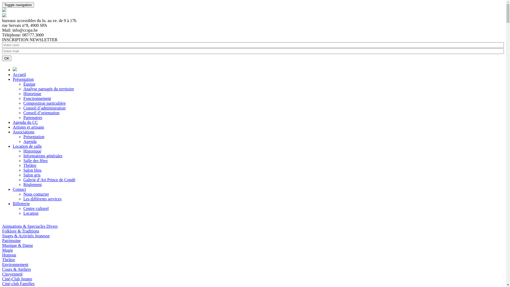 This screenshot has width=510, height=287. Describe the element at coordinates (27, 146) in the screenshot. I see `'Location de salle'` at that location.